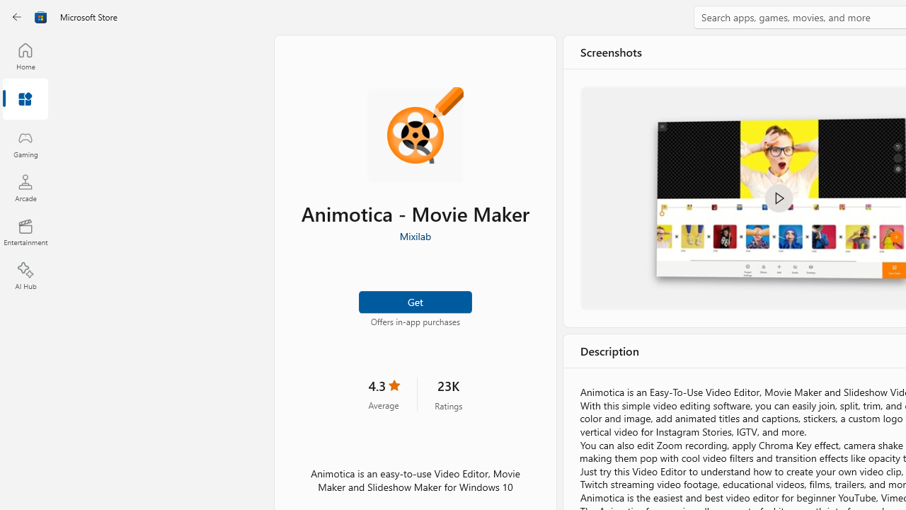 The width and height of the screenshot is (906, 510). Describe the element at coordinates (414, 300) in the screenshot. I see `'Get'` at that location.